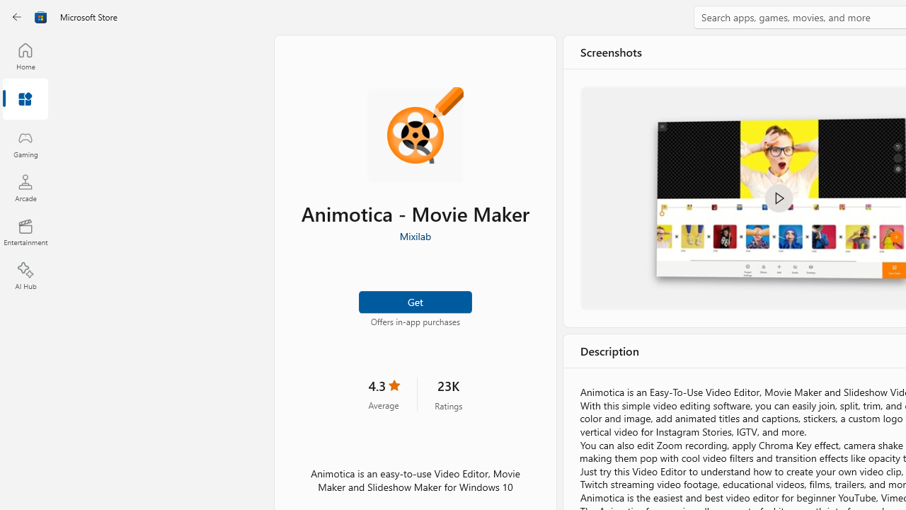 The width and height of the screenshot is (906, 510). Describe the element at coordinates (414, 300) in the screenshot. I see `'Get'` at that location.